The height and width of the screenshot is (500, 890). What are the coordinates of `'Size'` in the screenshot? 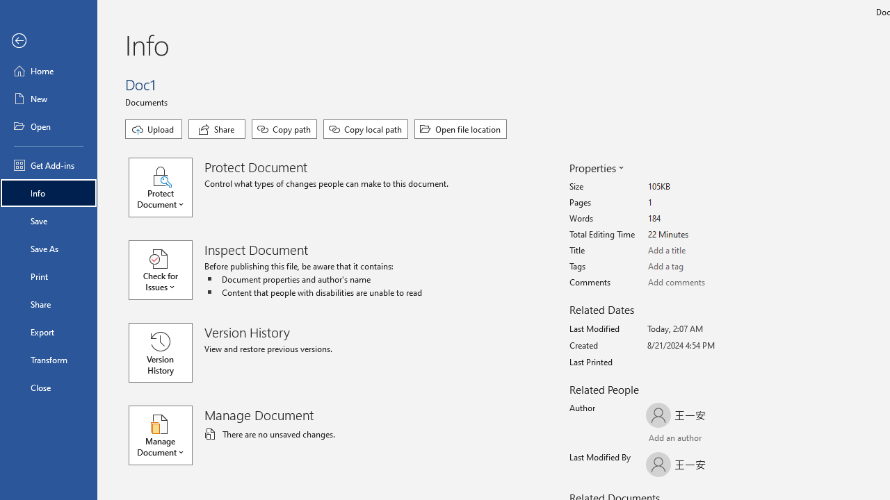 It's located at (699, 186).